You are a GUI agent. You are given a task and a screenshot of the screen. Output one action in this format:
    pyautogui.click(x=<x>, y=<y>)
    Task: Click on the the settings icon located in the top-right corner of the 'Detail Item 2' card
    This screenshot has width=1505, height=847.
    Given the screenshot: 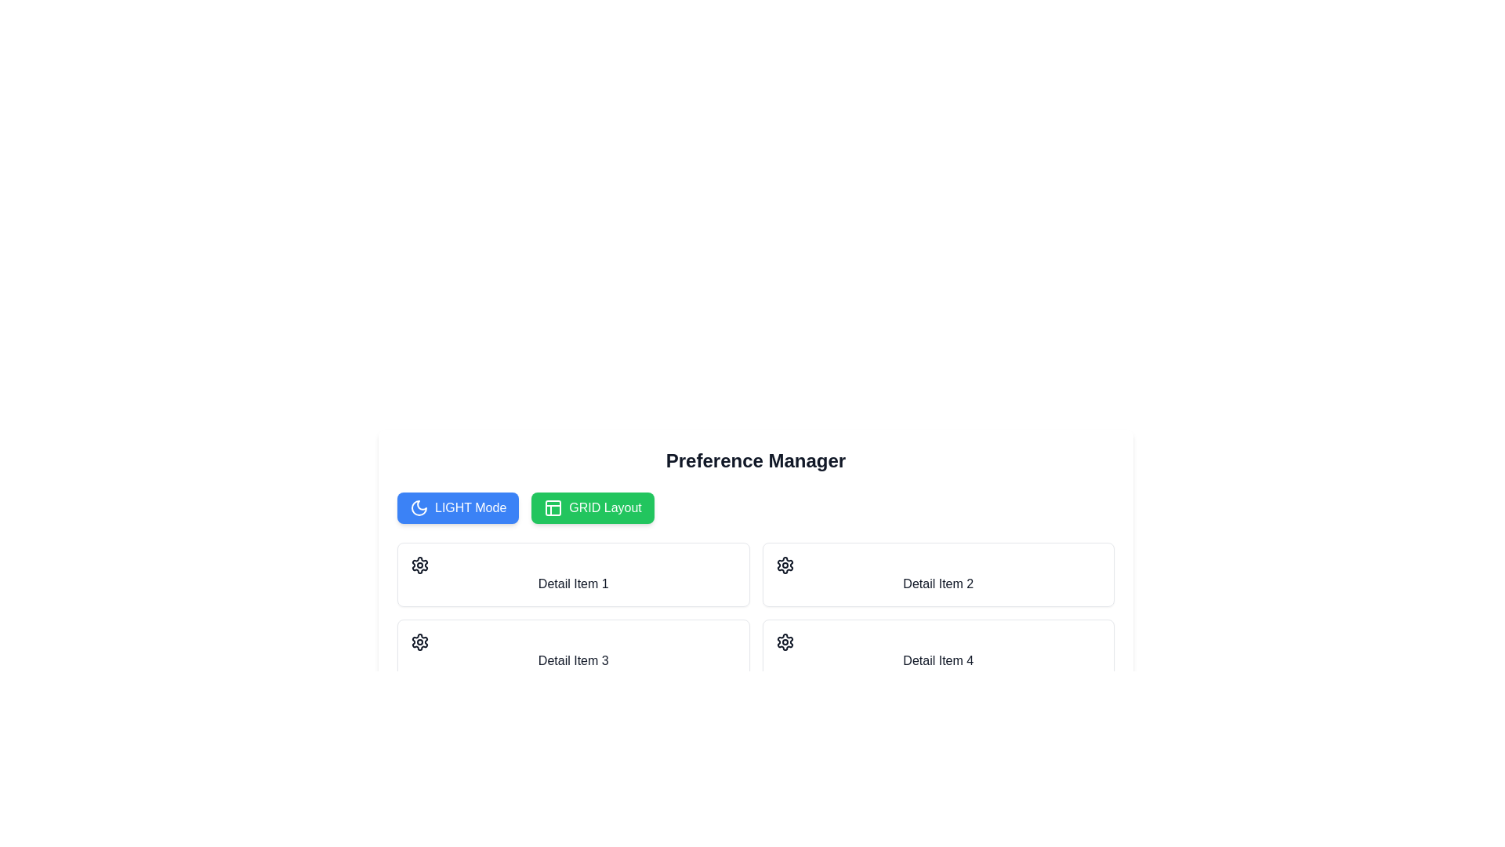 What is the action you would take?
    pyautogui.click(x=785, y=565)
    